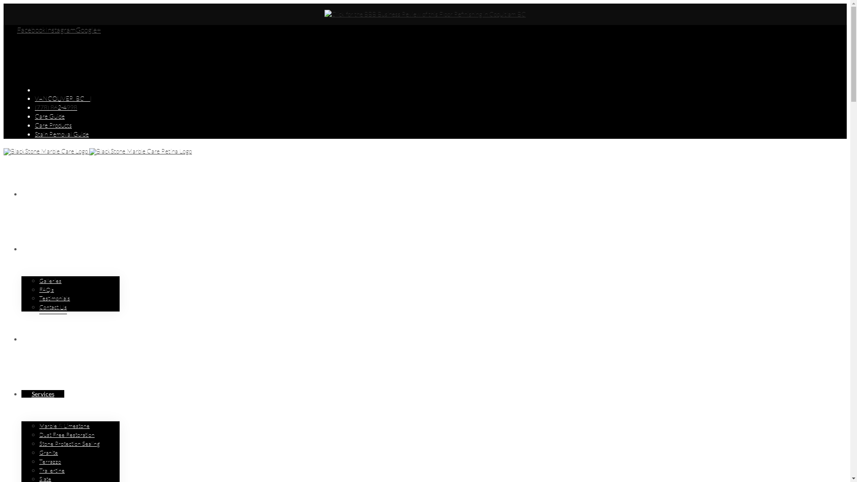 The image size is (857, 482). What do you see at coordinates (66, 434) in the screenshot?
I see `'Dust Free Restoration'` at bounding box center [66, 434].